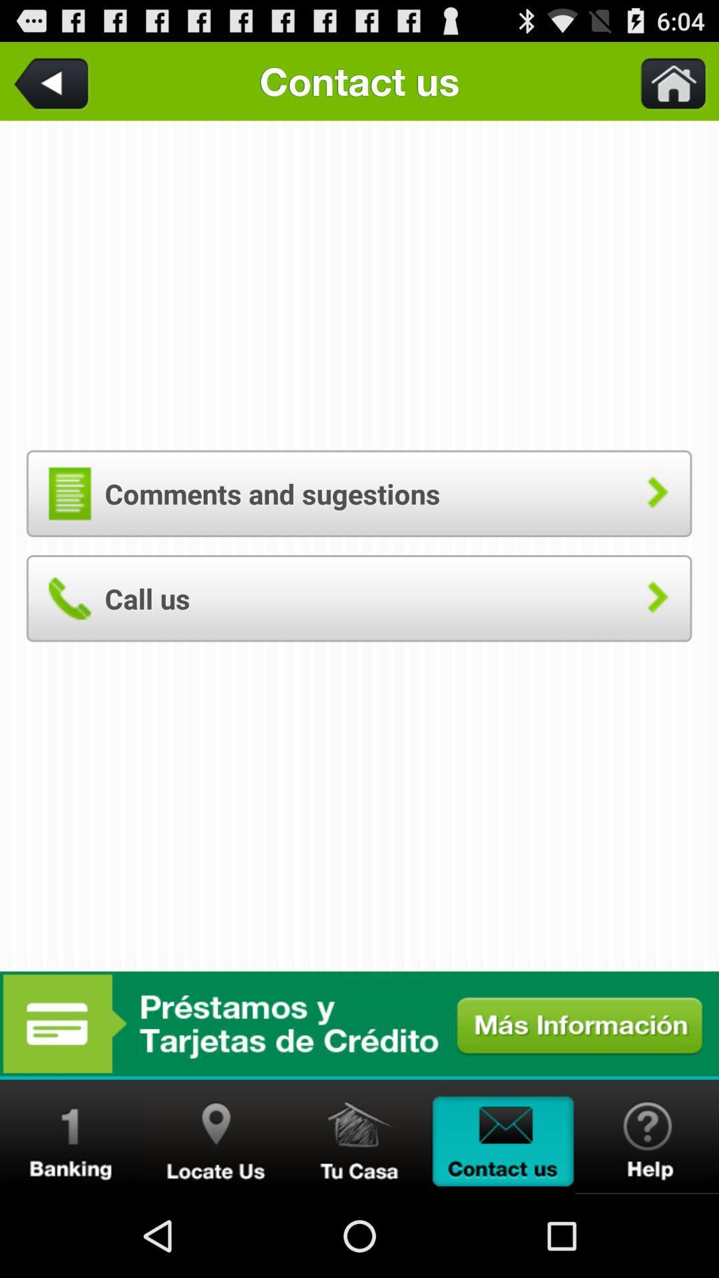  I want to click on the comments and sugestions item, so click(358, 493).